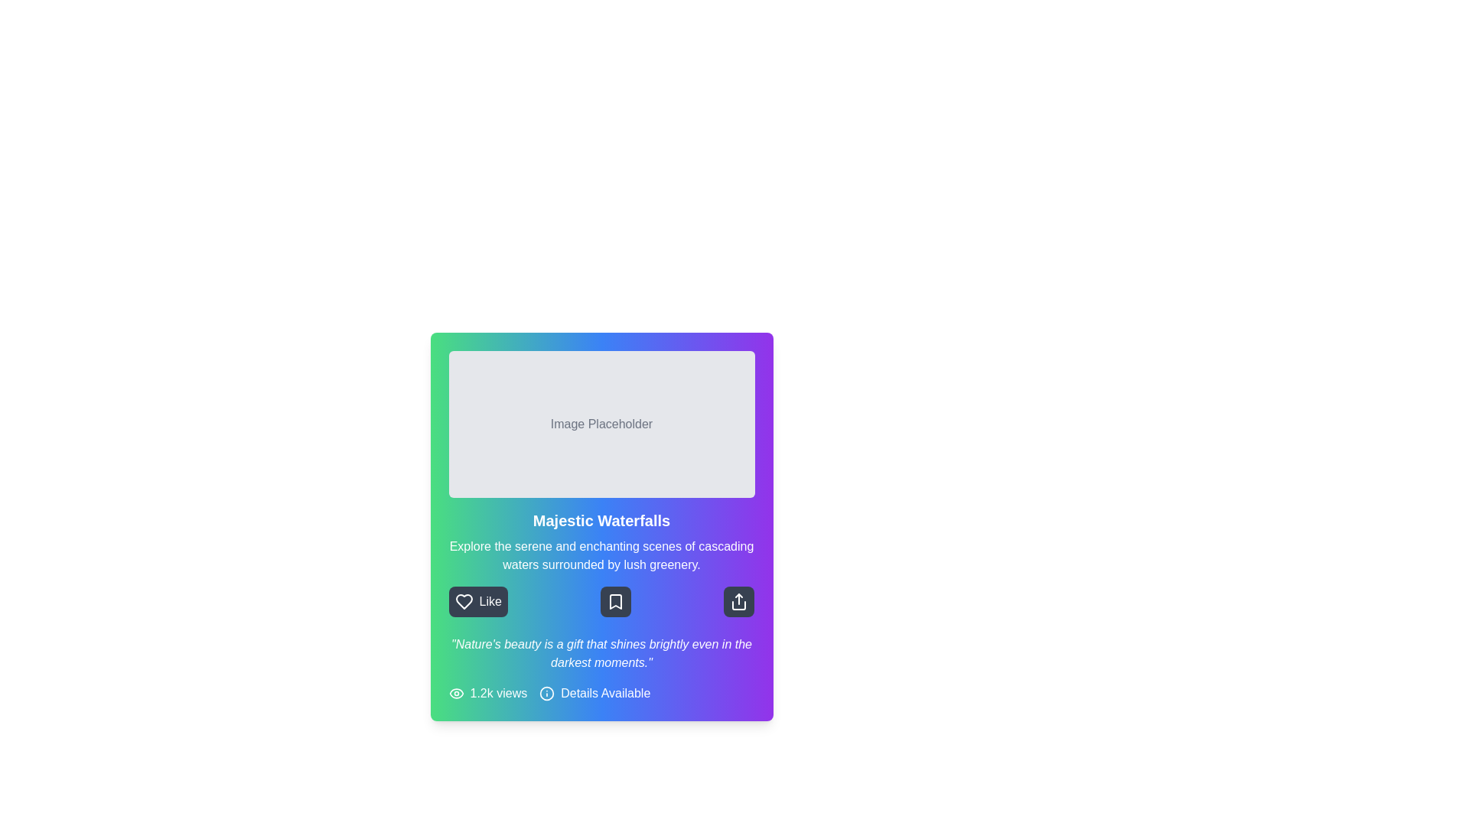  What do you see at coordinates (455, 693) in the screenshot?
I see `the eye-shaped icon located in a green area next to the text '1.2k views', positioned near the bottom-left of a card layout` at bounding box center [455, 693].